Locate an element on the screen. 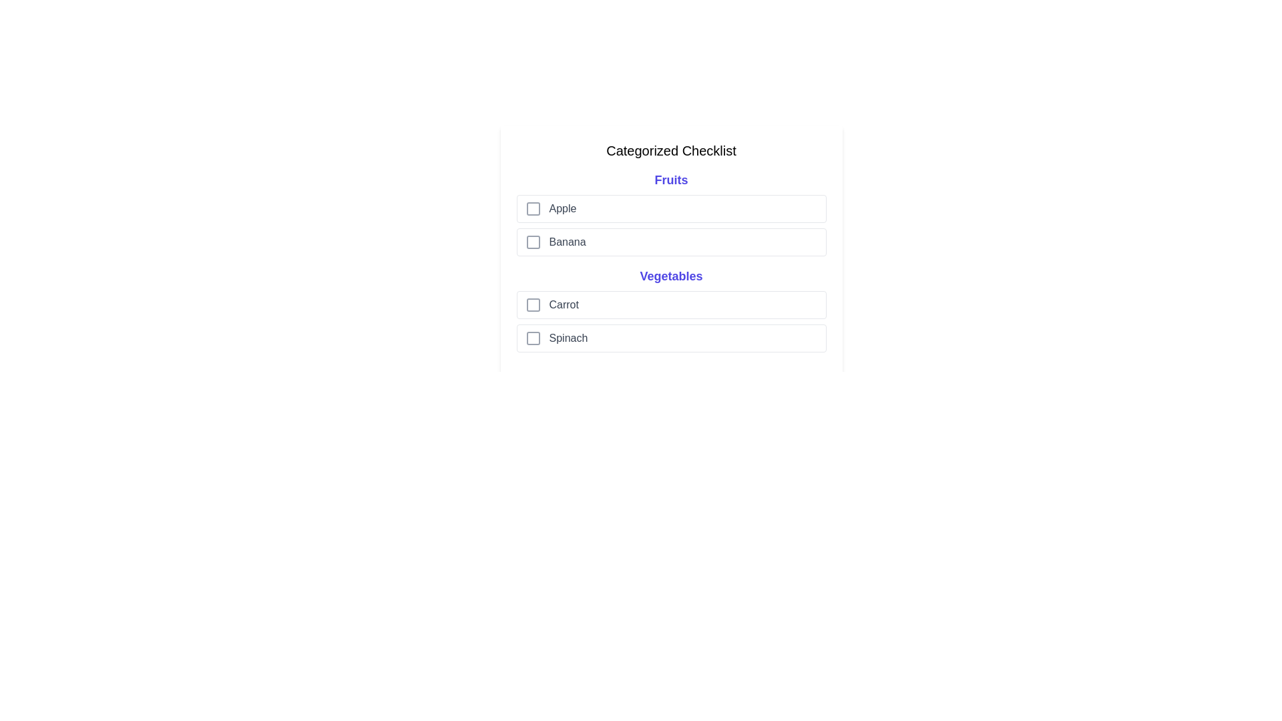  the checkboxes in the 'Fruits' checklist section to select items 'Apple' and 'Banana' is located at coordinates (670, 213).